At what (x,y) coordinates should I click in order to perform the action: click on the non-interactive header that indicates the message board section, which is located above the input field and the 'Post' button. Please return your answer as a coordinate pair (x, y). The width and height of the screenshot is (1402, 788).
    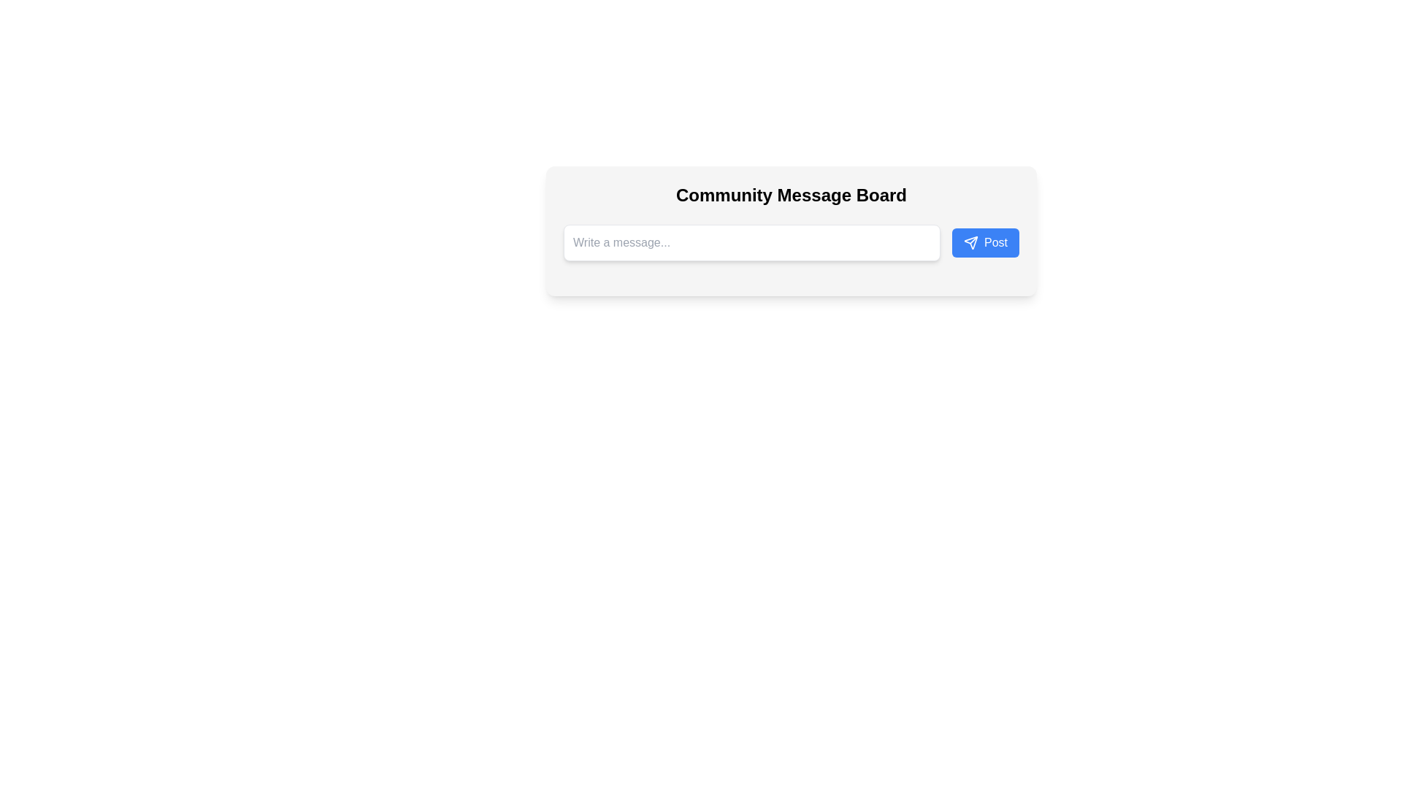
    Looking at the image, I should click on (791, 194).